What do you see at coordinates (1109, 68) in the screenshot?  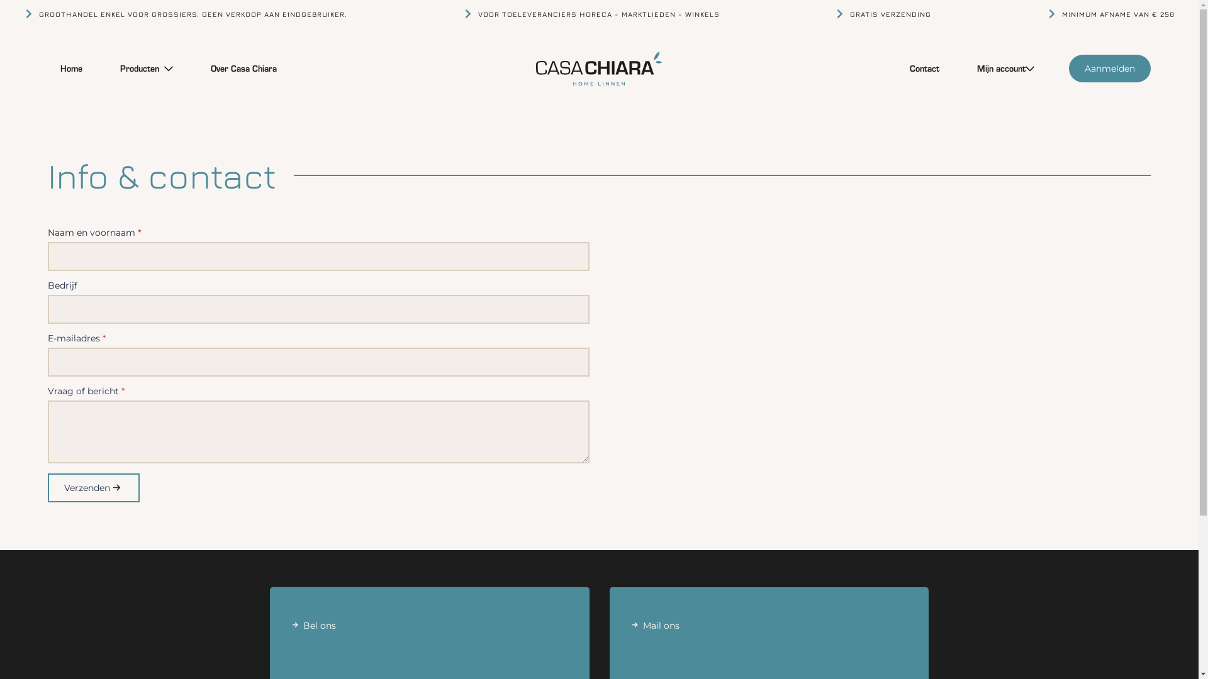 I see `'Aanmelden'` at bounding box center [1109, 68].